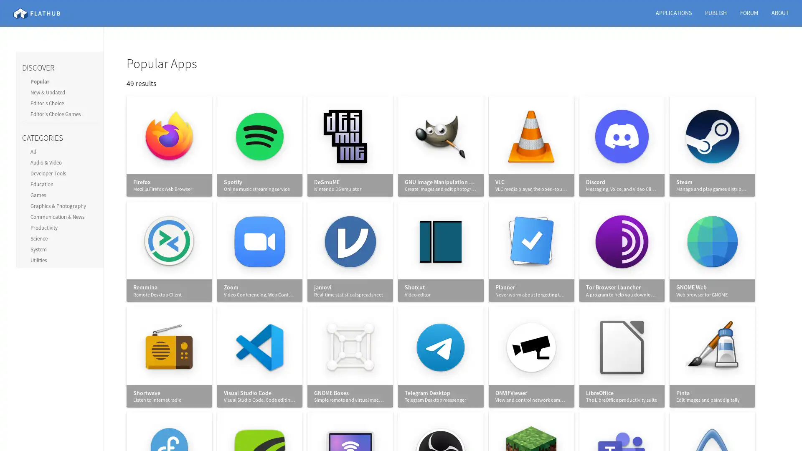  I want to click on APPLICATIONS, so click(673, 13).